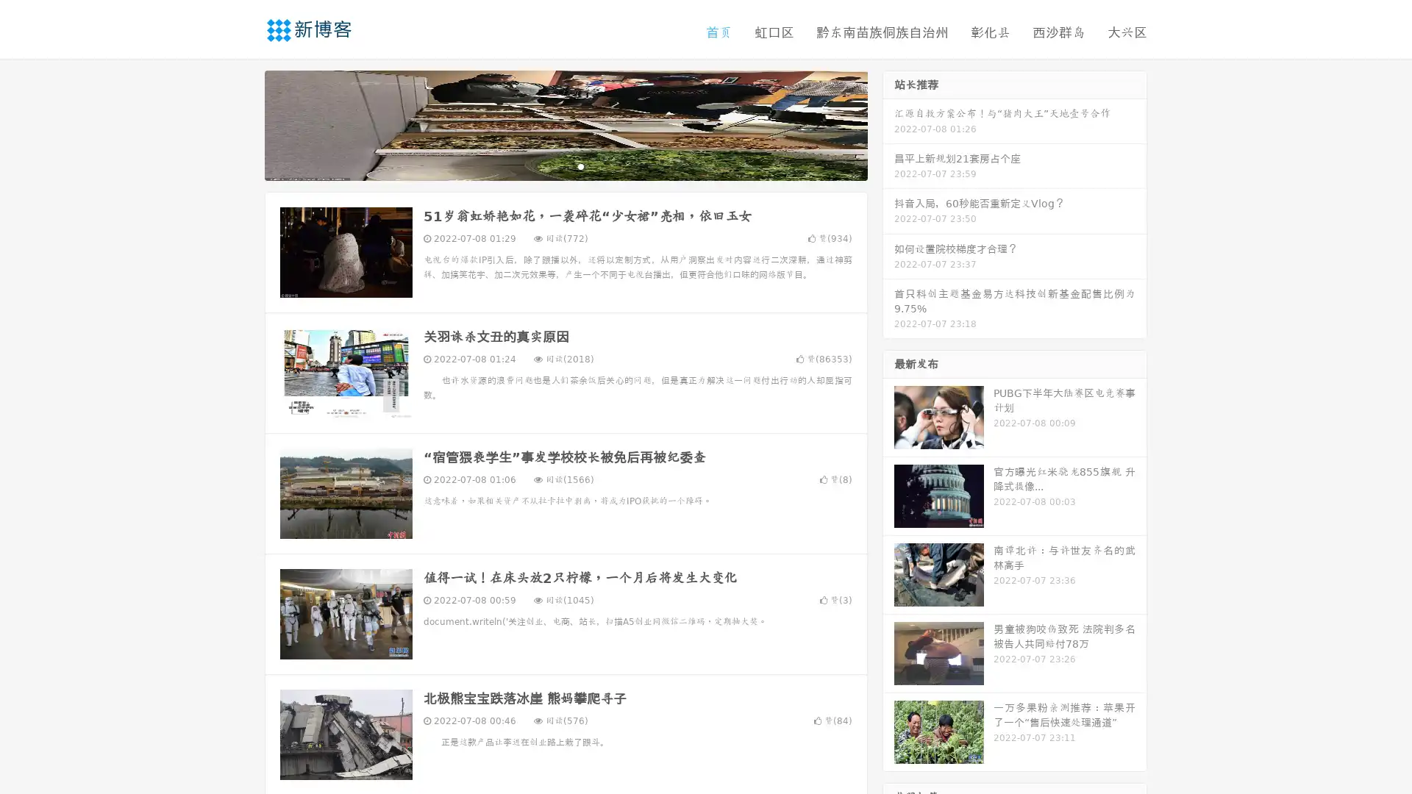 The image size is (1412, 794). Describe the element at coordinates (243, 124) in the screenshot. I see `Previous slide` at that location.